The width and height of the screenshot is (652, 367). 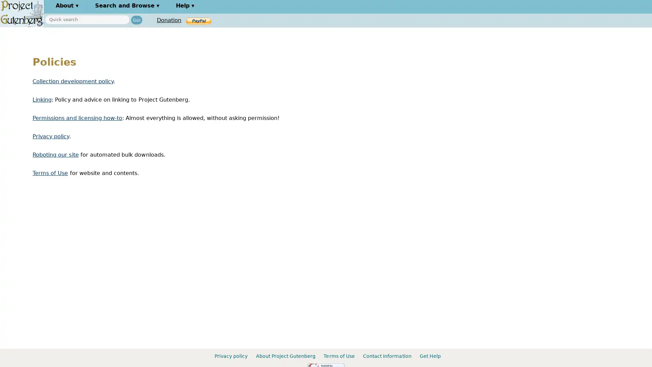 I want to click on Donate via PayPal, so click(x=198, y=20).